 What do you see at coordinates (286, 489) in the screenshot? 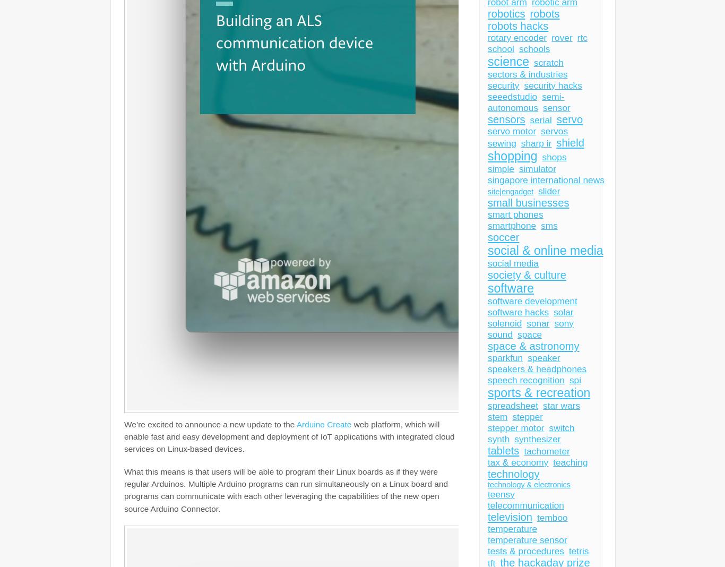
I see `'program their Linux boards as if they were regular Arduinos. Multiple Arduino programs can run simultaneously on a Linux board and programs can communicate with each other leveraging the capabilities of the new open source Arduino Connector.'` at bounding box center [286, 489].